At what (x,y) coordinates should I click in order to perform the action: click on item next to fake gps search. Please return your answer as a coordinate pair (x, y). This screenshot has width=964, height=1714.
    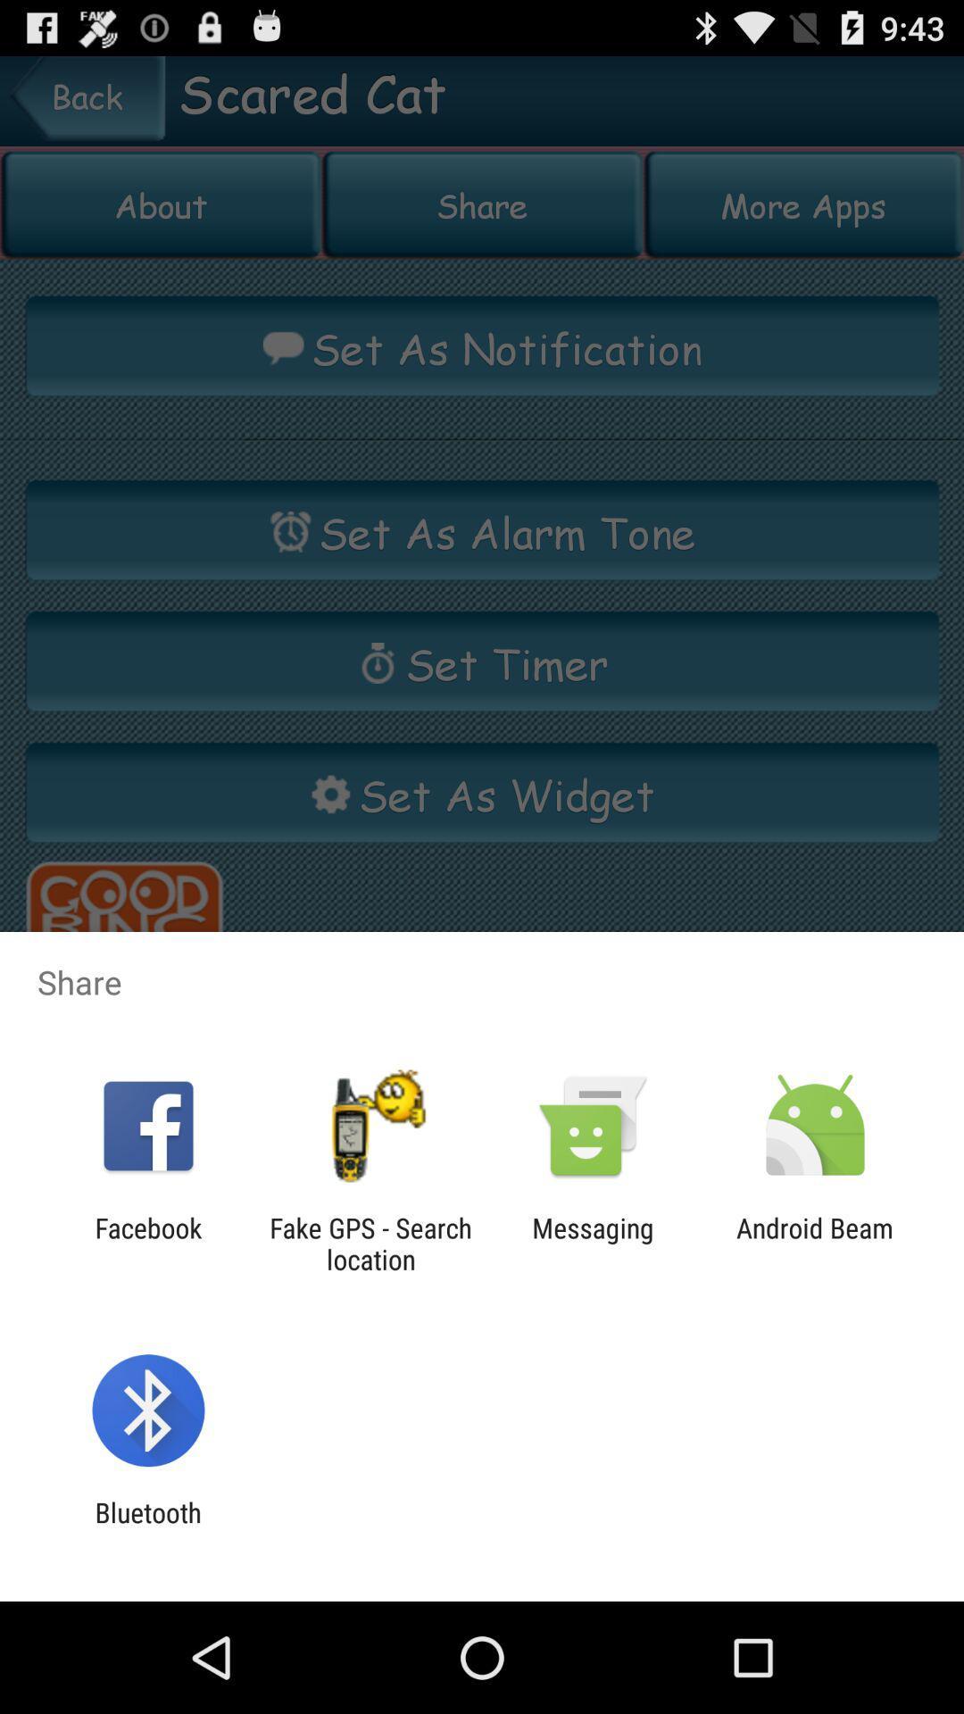
    Looking at the image, I should click on (593, 1243).